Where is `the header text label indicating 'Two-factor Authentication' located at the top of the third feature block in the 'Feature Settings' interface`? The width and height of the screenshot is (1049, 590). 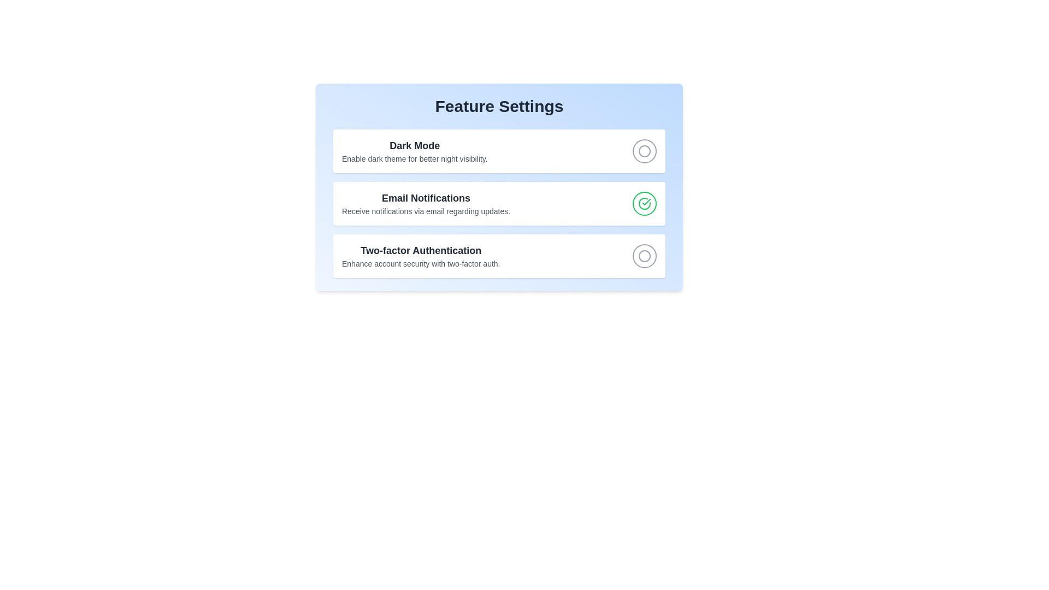 the header text label indicating 'Two-factor Authentication' located at the top of the third feature block in the 'Feature Settings' interface is located at coordinates (420, 251).